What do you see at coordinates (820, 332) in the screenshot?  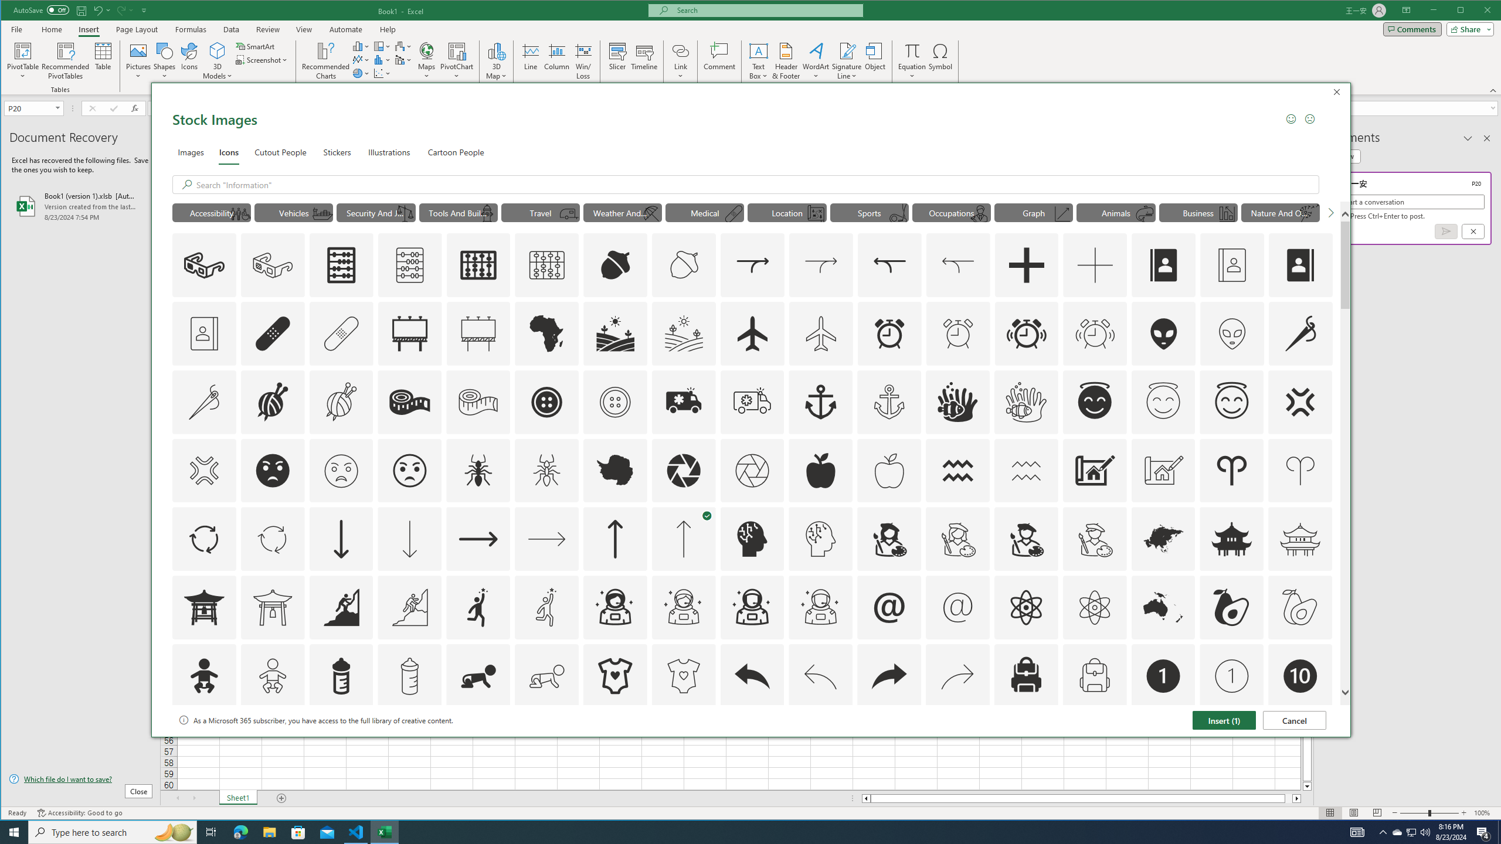 I see `'AutomationID: Icons_Airplane_M'` at bounding box center [820, 332].